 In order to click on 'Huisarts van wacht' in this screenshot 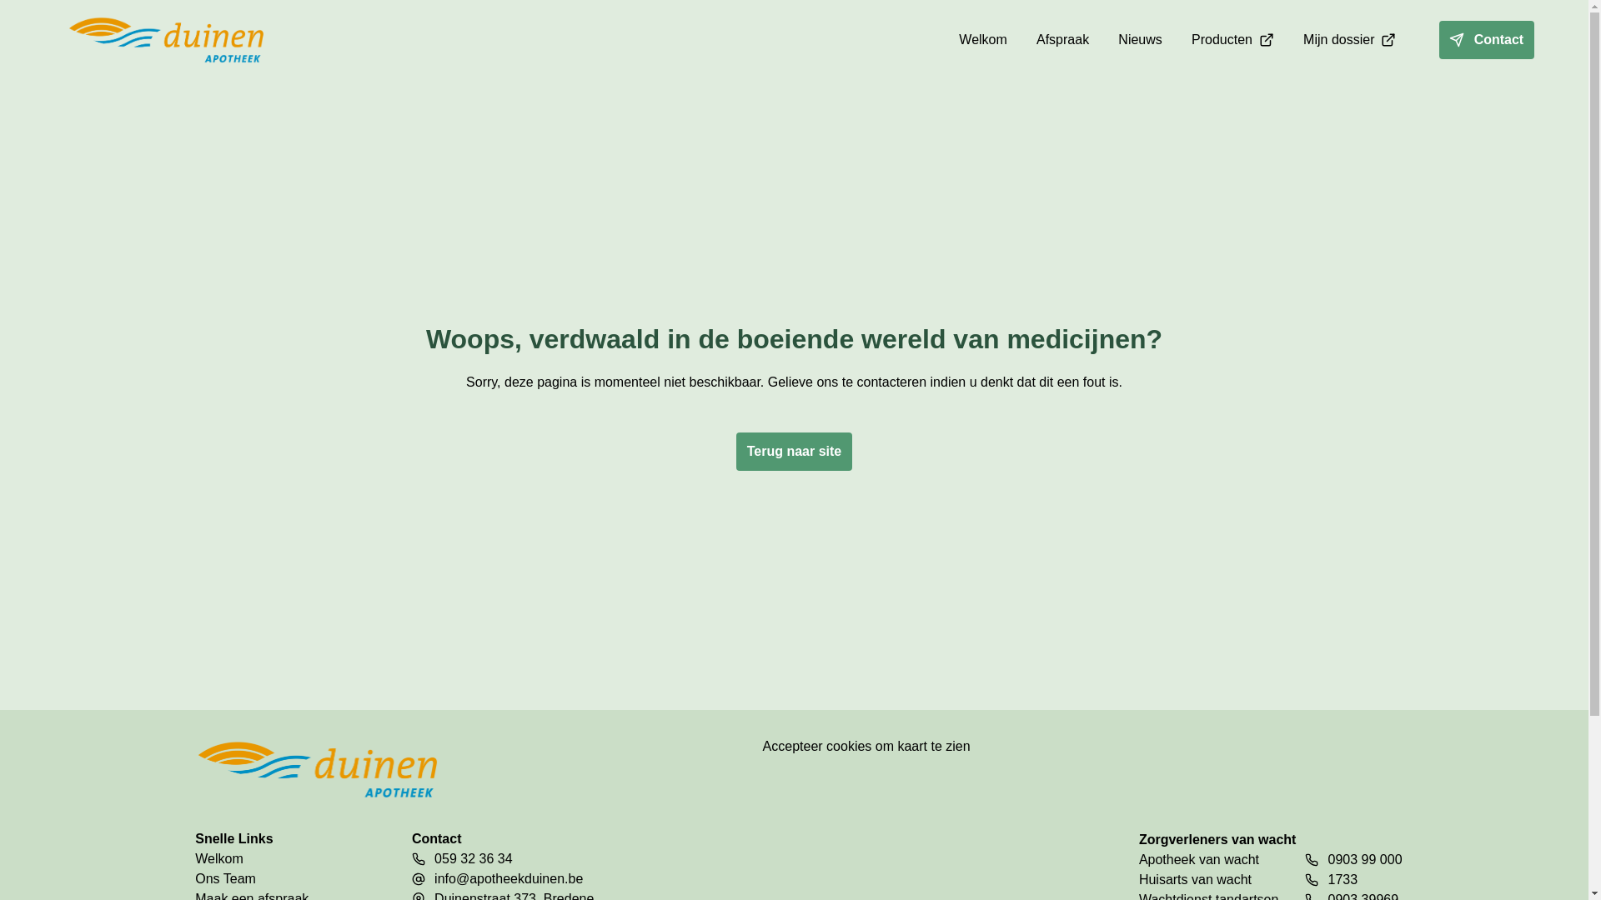, I will do `click(1208, 879)`.